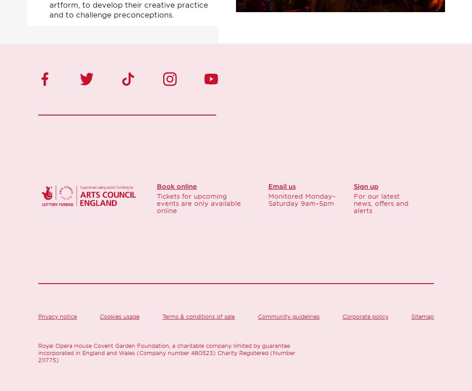 Image resolution: width=472 pixels, height=391 pixels. What do you see at coordinates (198, 203) in the screenshot?
I see `'Tickets for upcoming events are only available online'` at bounding box center [198, 203].